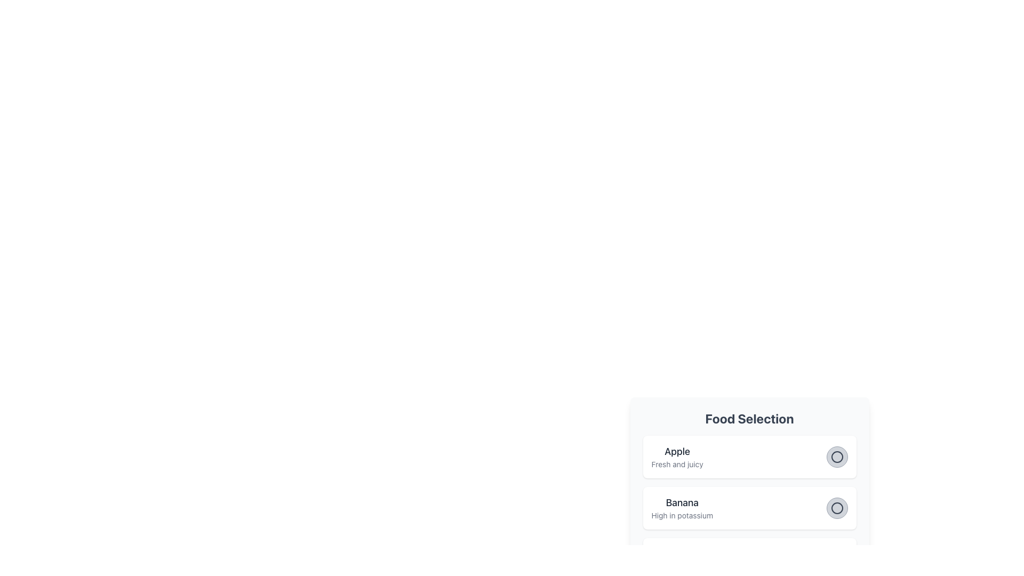 The image size is (1024, 576). What do you see at coordinates (836, 456) in the screenshot?
I see `the rightmost radio button for 'Apple' with subtext 'Fresh and juicy'` at bounding box center [836, 456].